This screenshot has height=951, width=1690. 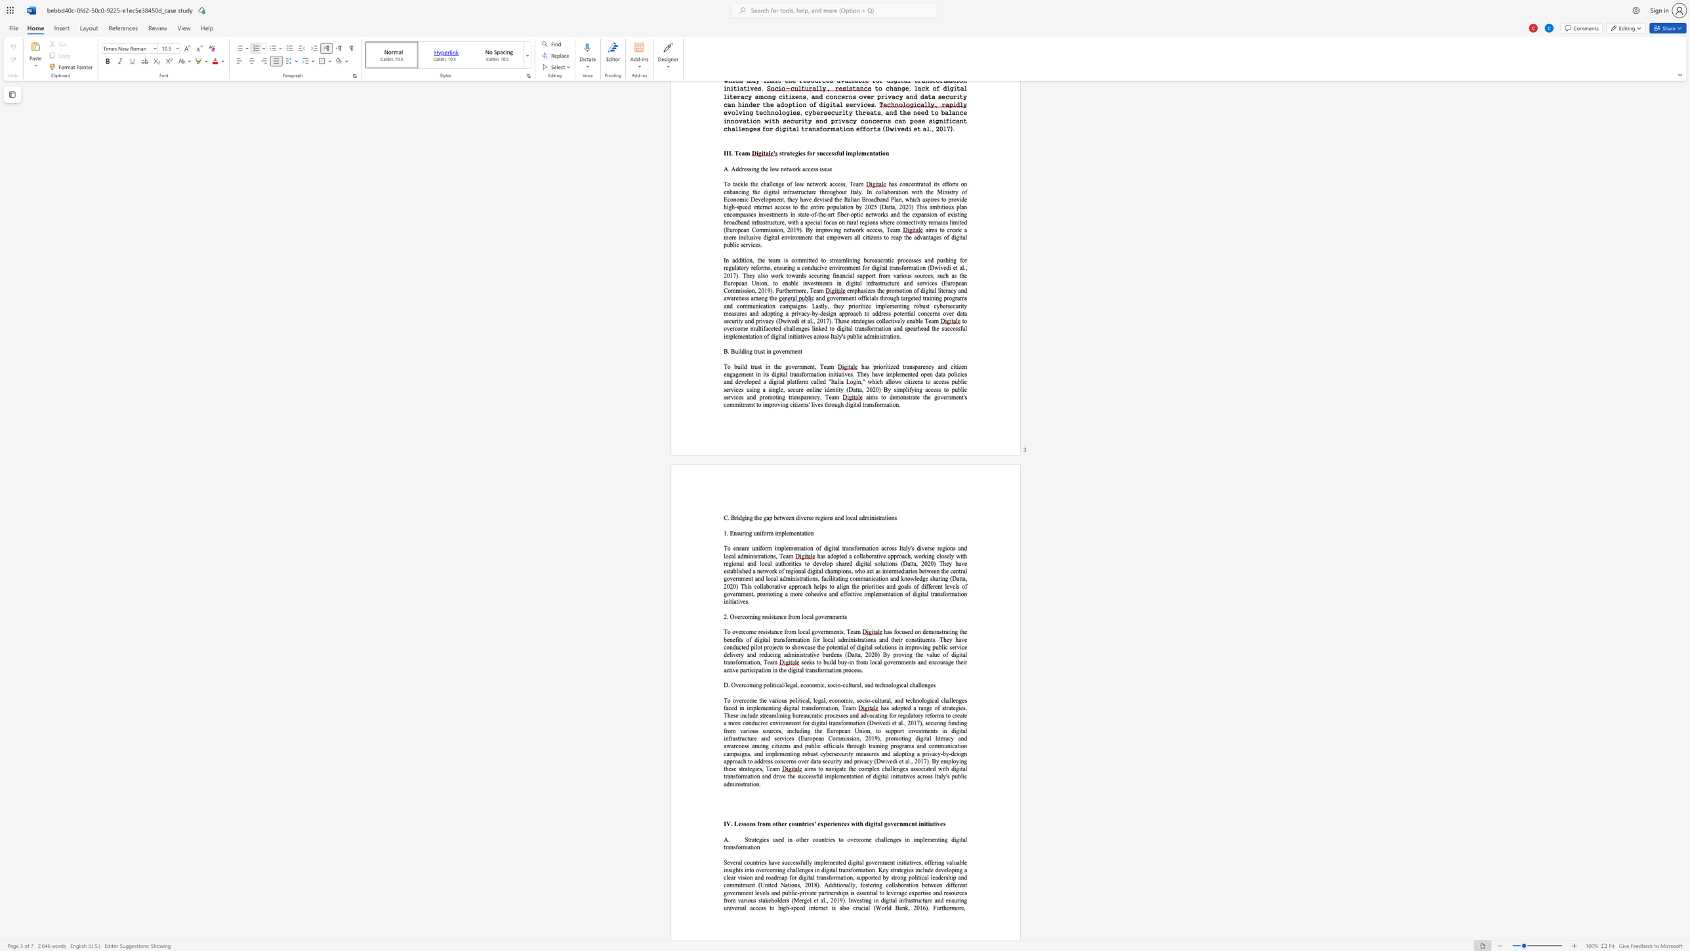 What do you see at coordinates (913, 862) in the screenshot?
I see `the 4th character "v" in the text` at bounding box center [913, 862].